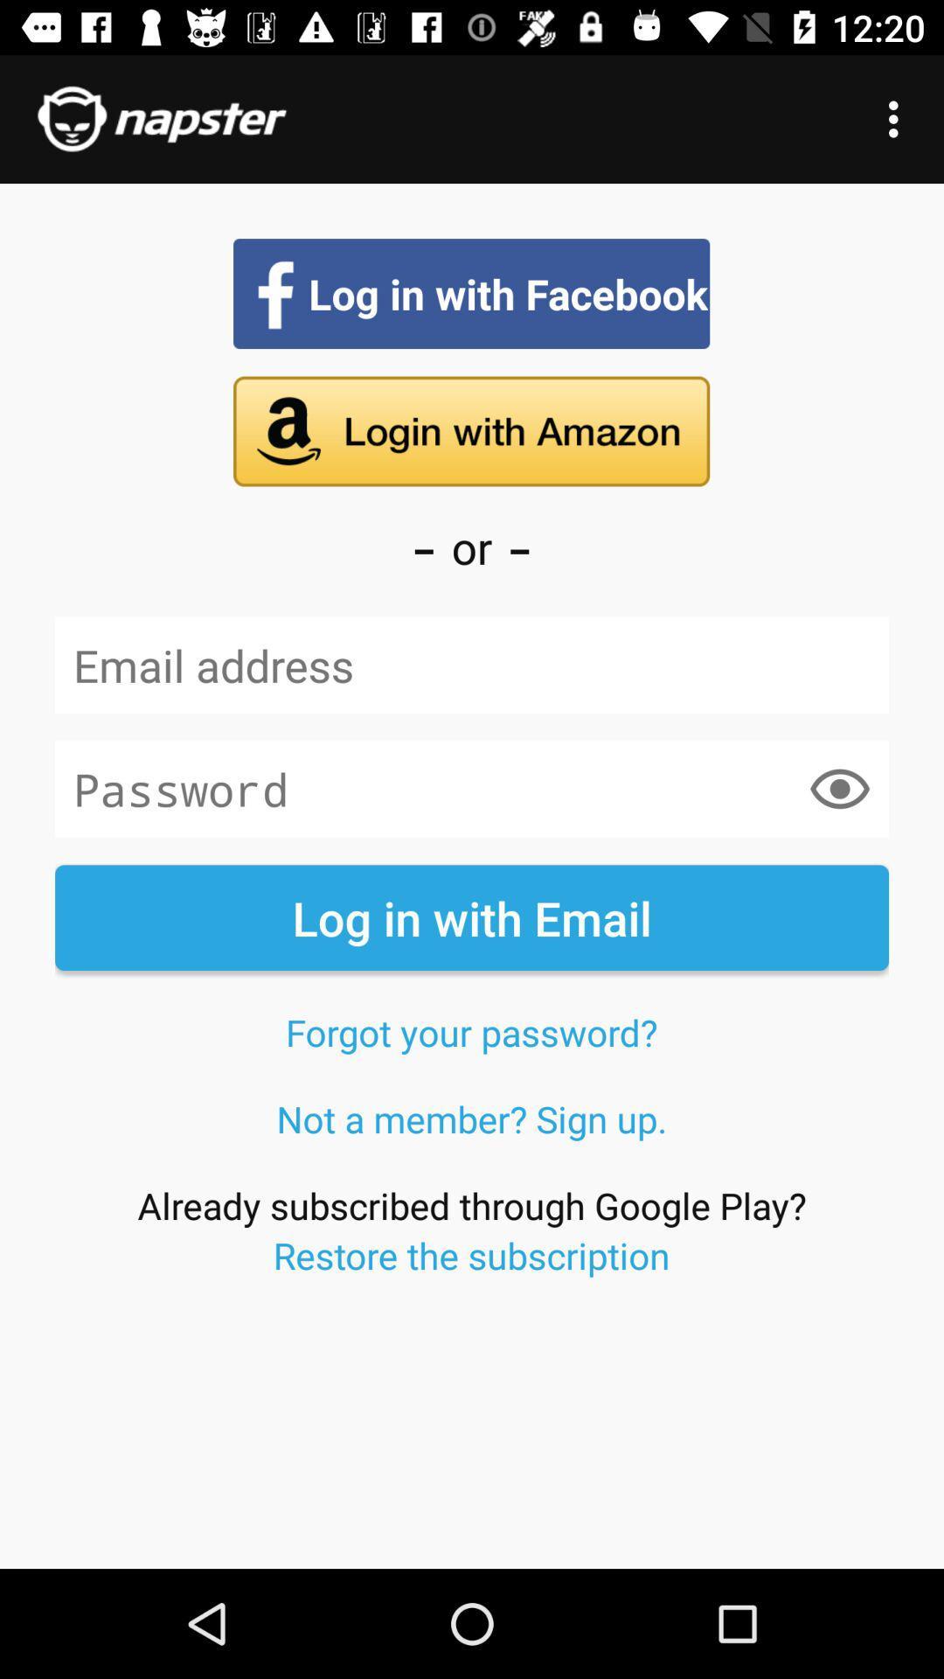  What do you see at coordinates (470, 431) in the screenshot?
I see `login with your amazon account` at bounding box center [470, 431].